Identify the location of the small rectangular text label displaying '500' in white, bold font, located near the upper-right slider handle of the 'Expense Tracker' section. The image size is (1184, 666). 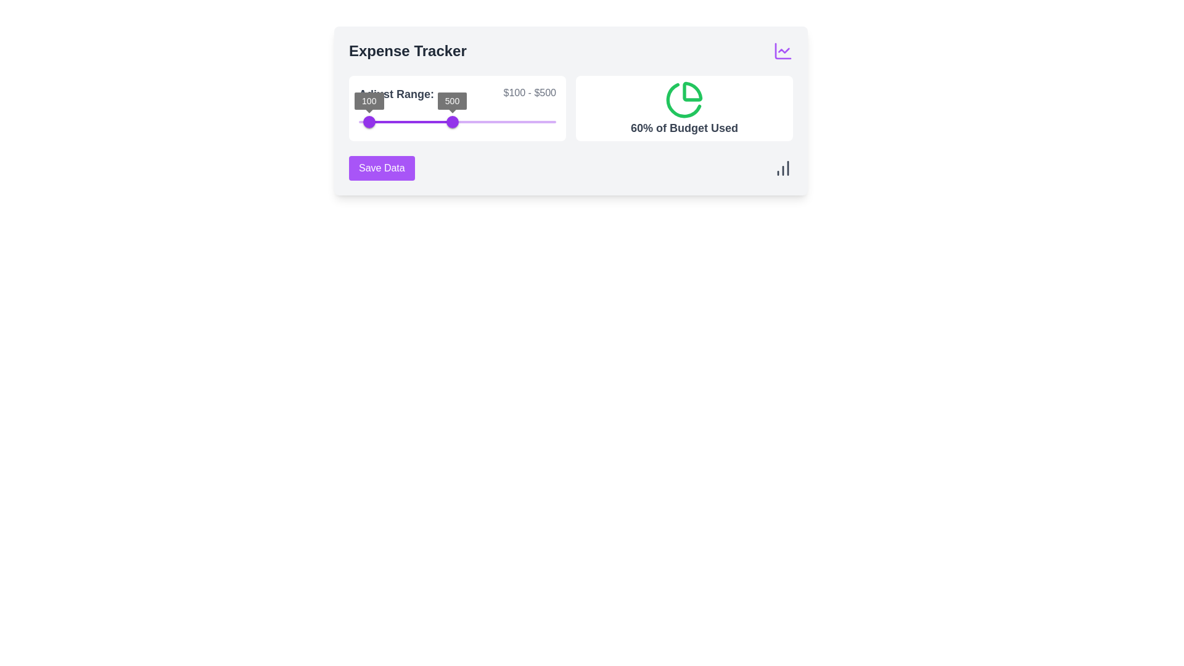
(451, 100).